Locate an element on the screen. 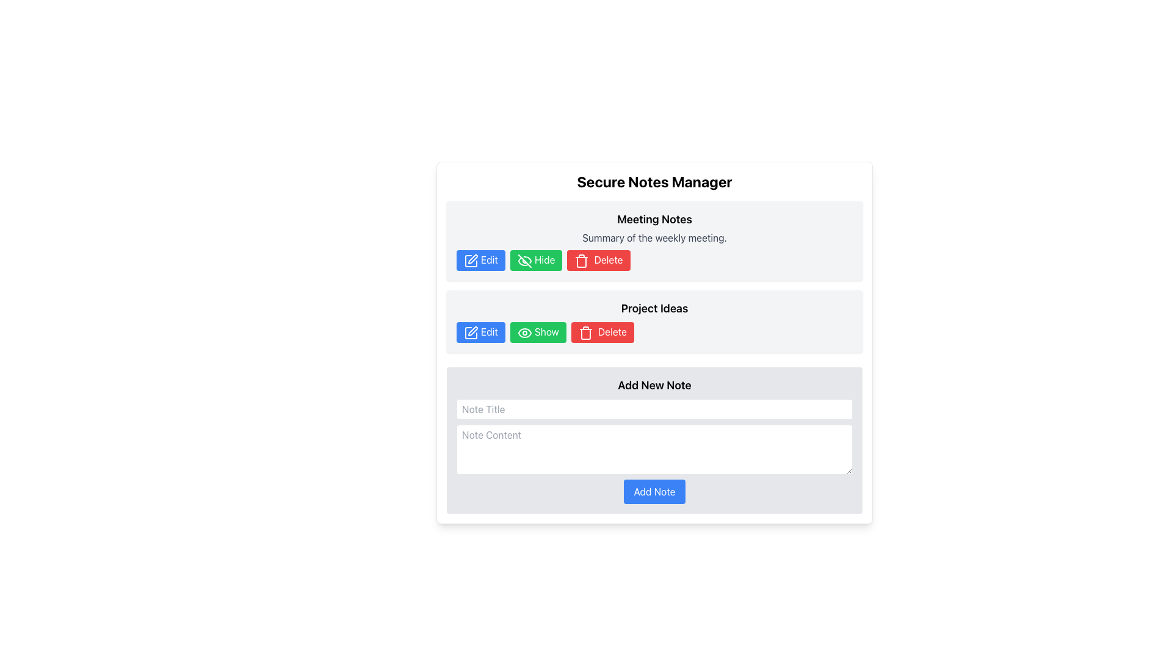  the heading text that identifies the 'Meeting Notes' section, which is positioned above the summary and action buttons is located at coordinates (654, 218).